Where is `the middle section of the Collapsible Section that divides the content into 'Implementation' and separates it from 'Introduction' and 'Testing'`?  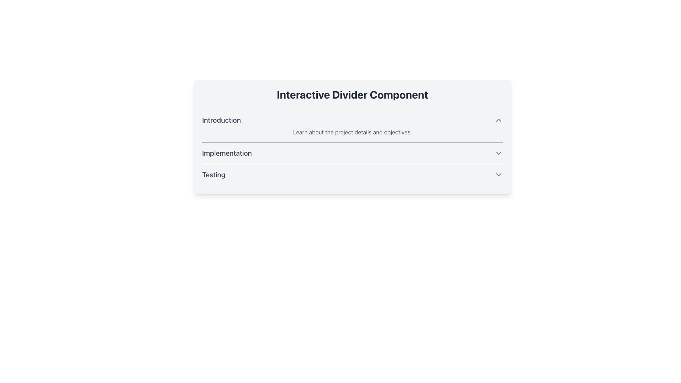
the middle section of the Collapsible Section that divides the content into 'Implementation' and separates it from 'Introduction' and 'Testing' is located at coordinates (352, 147).